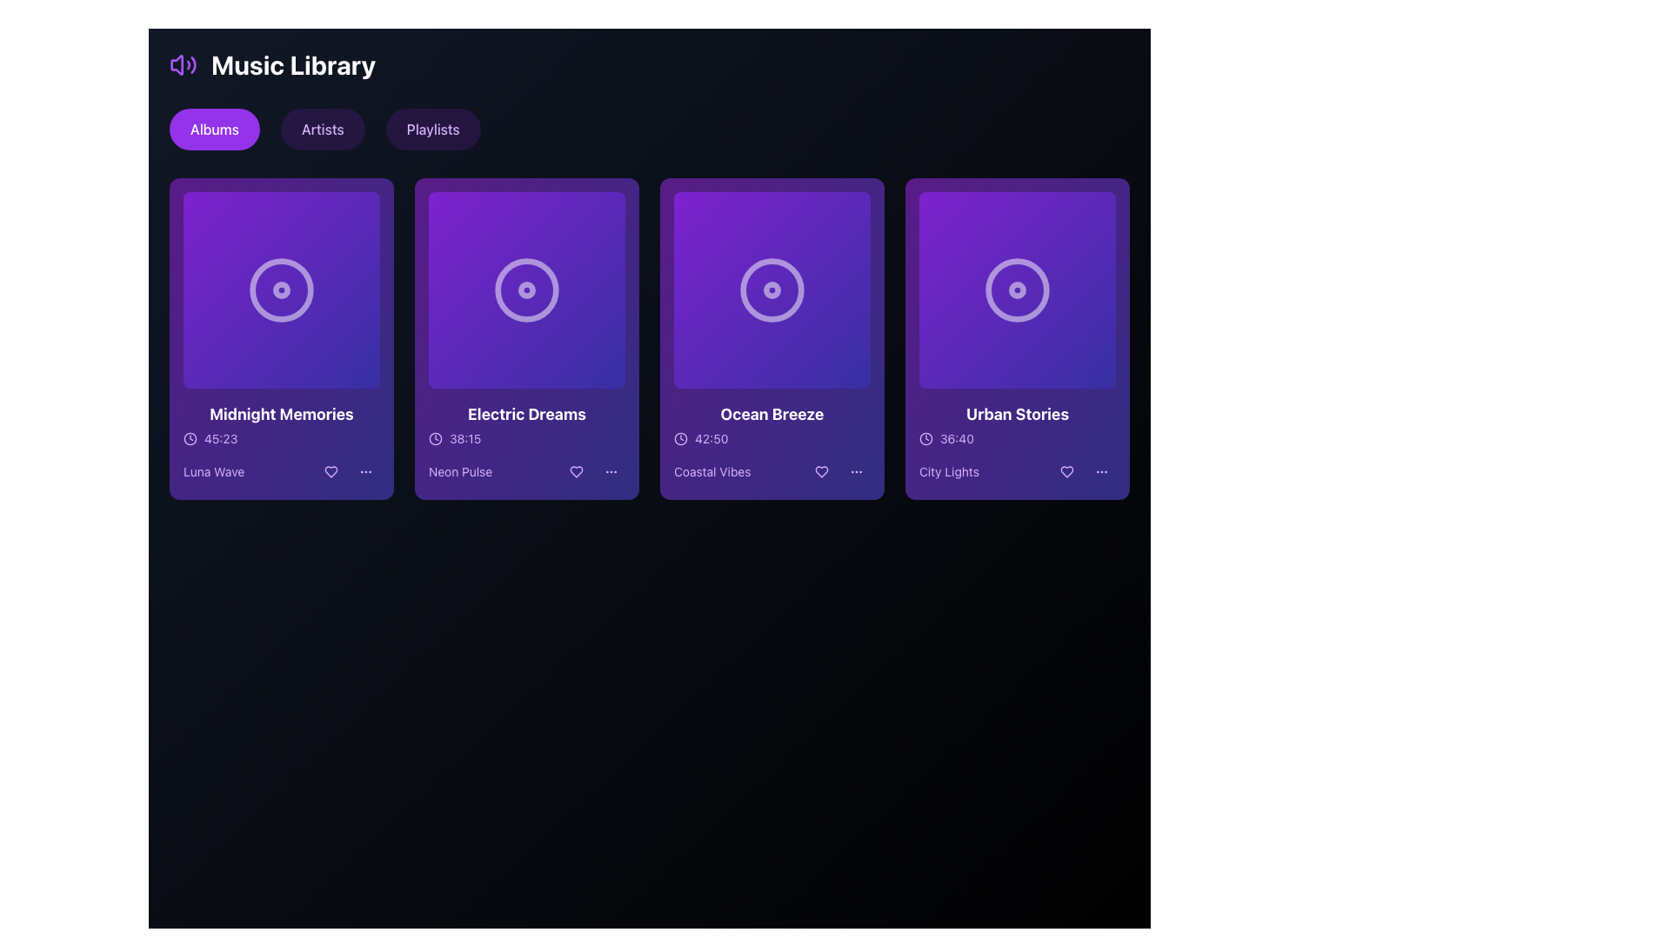 The image size is (1670, 939). Describe the element at coordinates (1018, 290) in the screenshot. I see `the circular icon with two concentric circles and a solid center, located centrally within the fourth album card from the left` at that location.